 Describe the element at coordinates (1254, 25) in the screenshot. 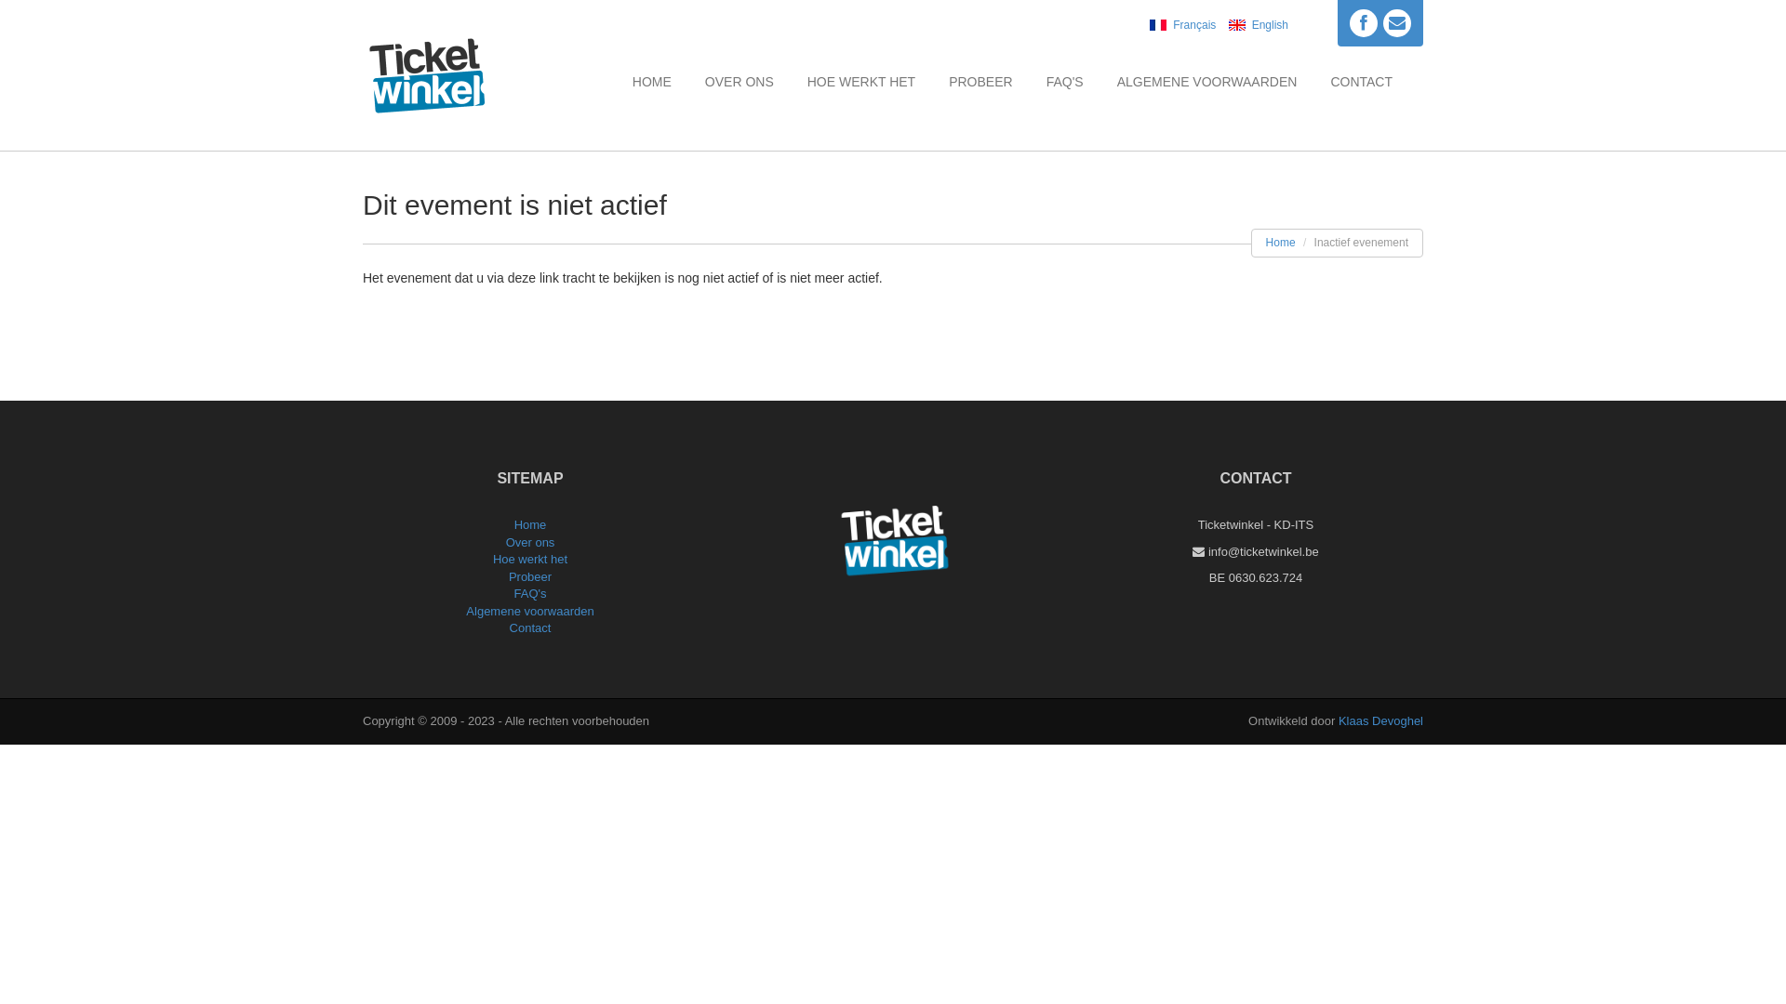

I see `'English'` at that location.